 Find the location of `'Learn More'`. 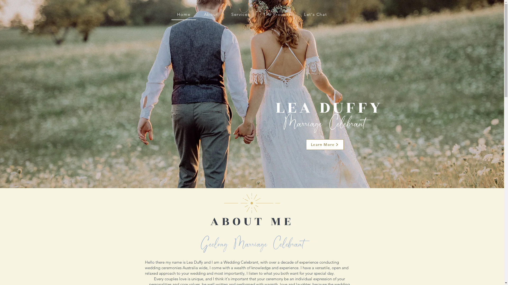

'Learn More' is located at coordinates (324, 144).